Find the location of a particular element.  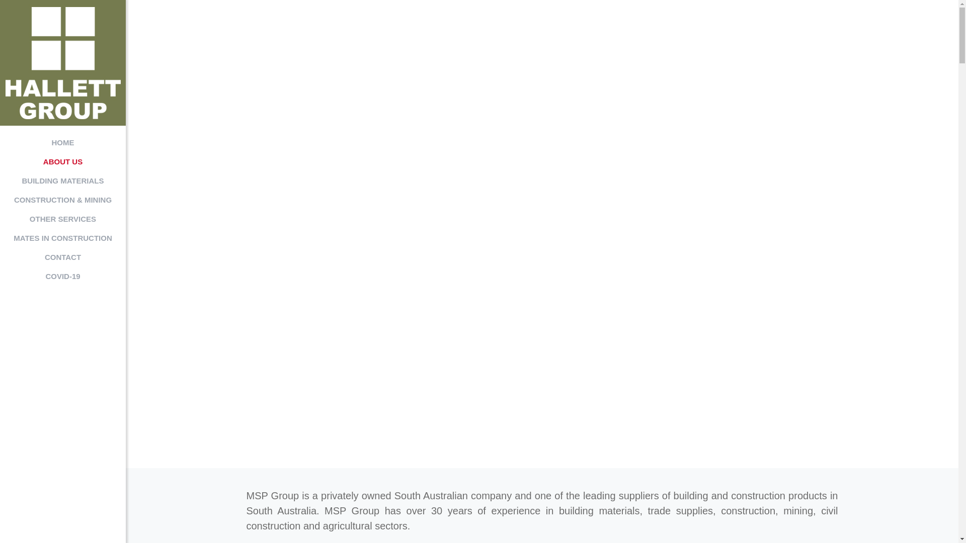

'COVID-19' is located at coordinates (62, 277).